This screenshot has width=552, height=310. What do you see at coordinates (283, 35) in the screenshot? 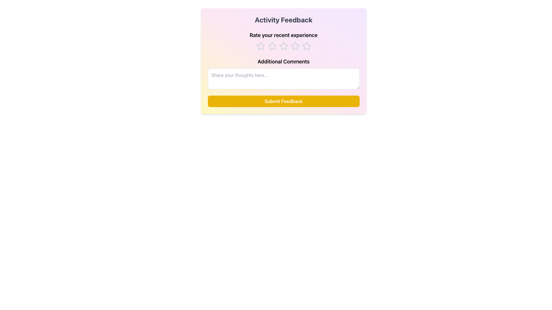
I see `the static text label that reads 'Rate your recent experience', which is positioned below the 'Activity Feedback' heading and above the star rating icons` at bounding box center [283, 35].